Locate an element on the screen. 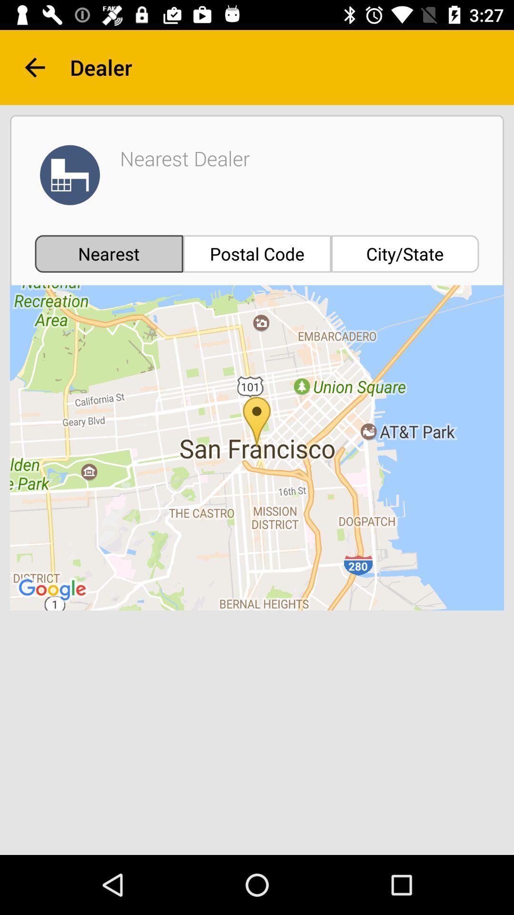 This screenshot has width=514, height=915. the city/state icon is located at coordinates (405, 254).